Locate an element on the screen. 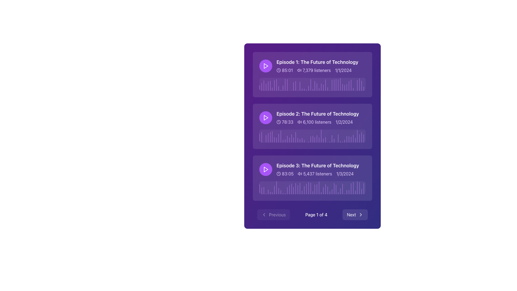 The width and height of the screenshot is (517, 291). the navigation button located at the bottom-right corner of the navigation bar is located at coordinates (355, 214).